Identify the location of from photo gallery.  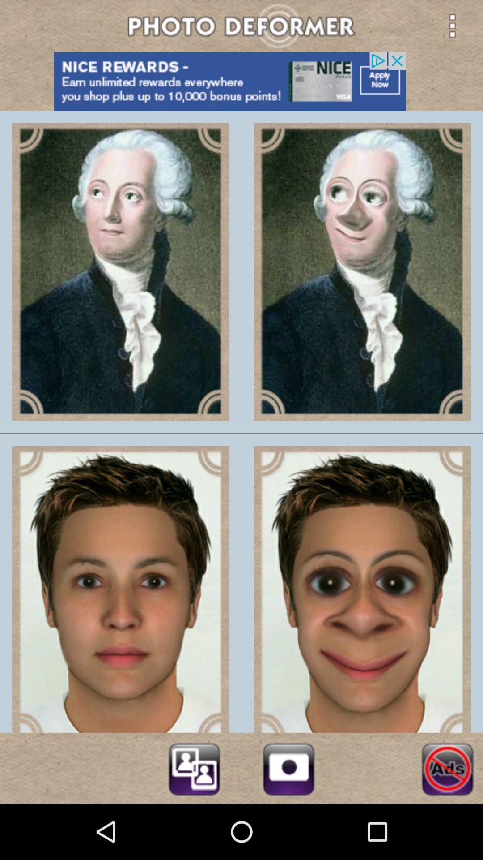
(194, 767).